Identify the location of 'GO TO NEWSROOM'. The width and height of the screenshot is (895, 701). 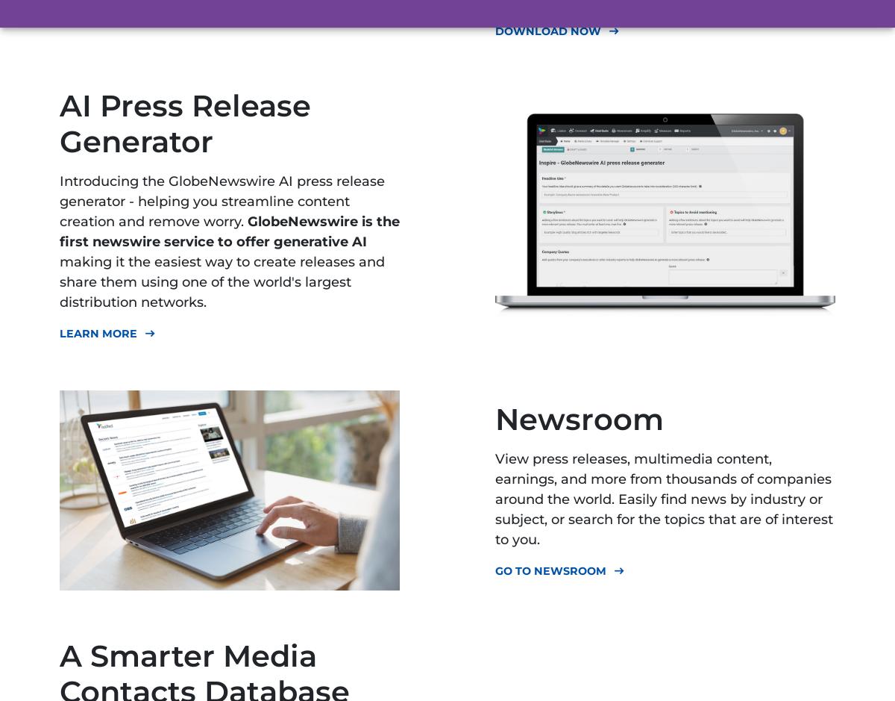
(550, 569).